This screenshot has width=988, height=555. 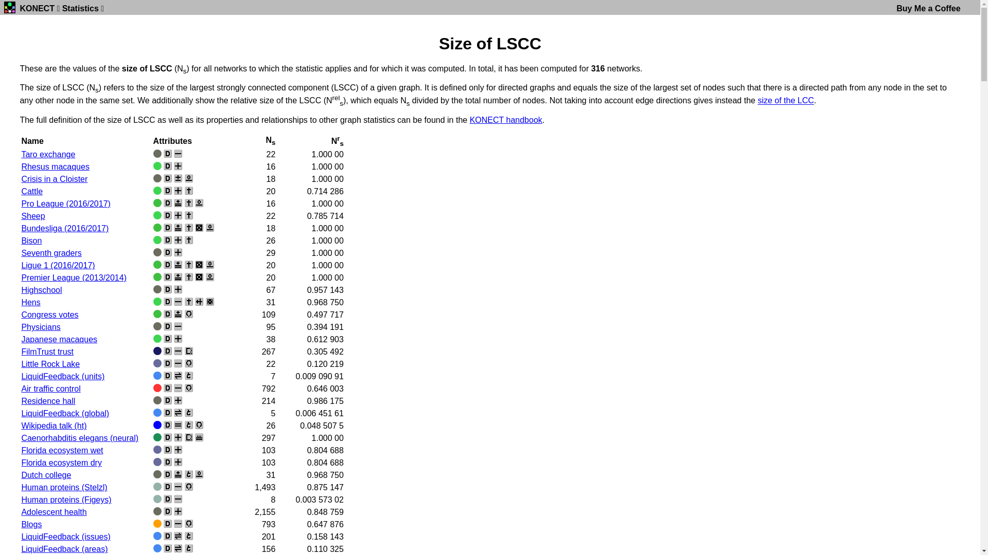 I want to click on 'LiquidFeedback (units)', so click(x=62, y=376).